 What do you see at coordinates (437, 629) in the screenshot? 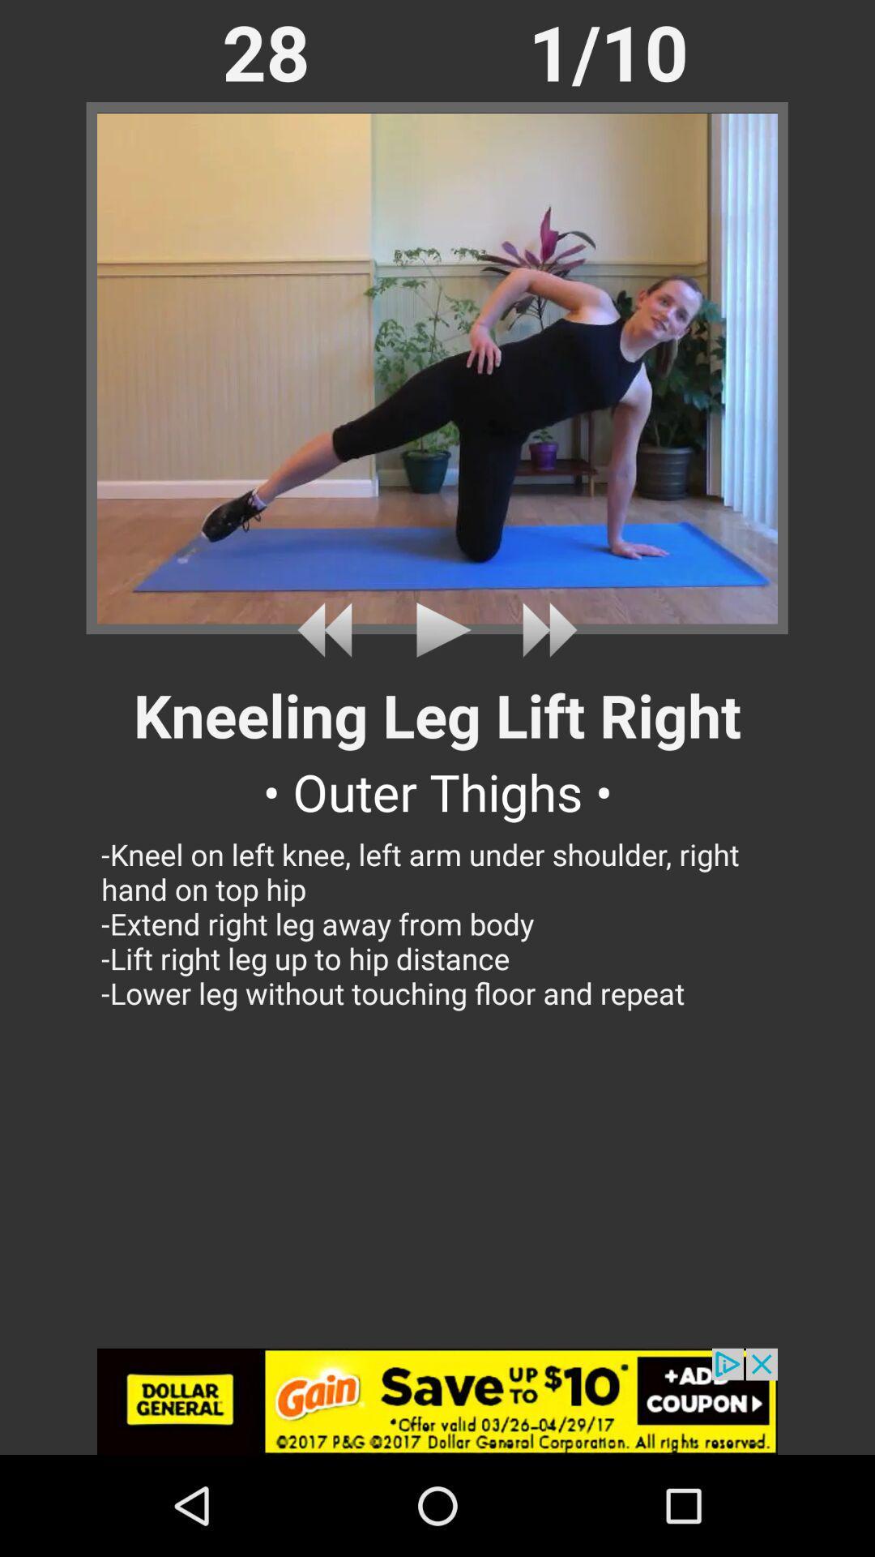
I see `play` at bounding box center [437, 629].